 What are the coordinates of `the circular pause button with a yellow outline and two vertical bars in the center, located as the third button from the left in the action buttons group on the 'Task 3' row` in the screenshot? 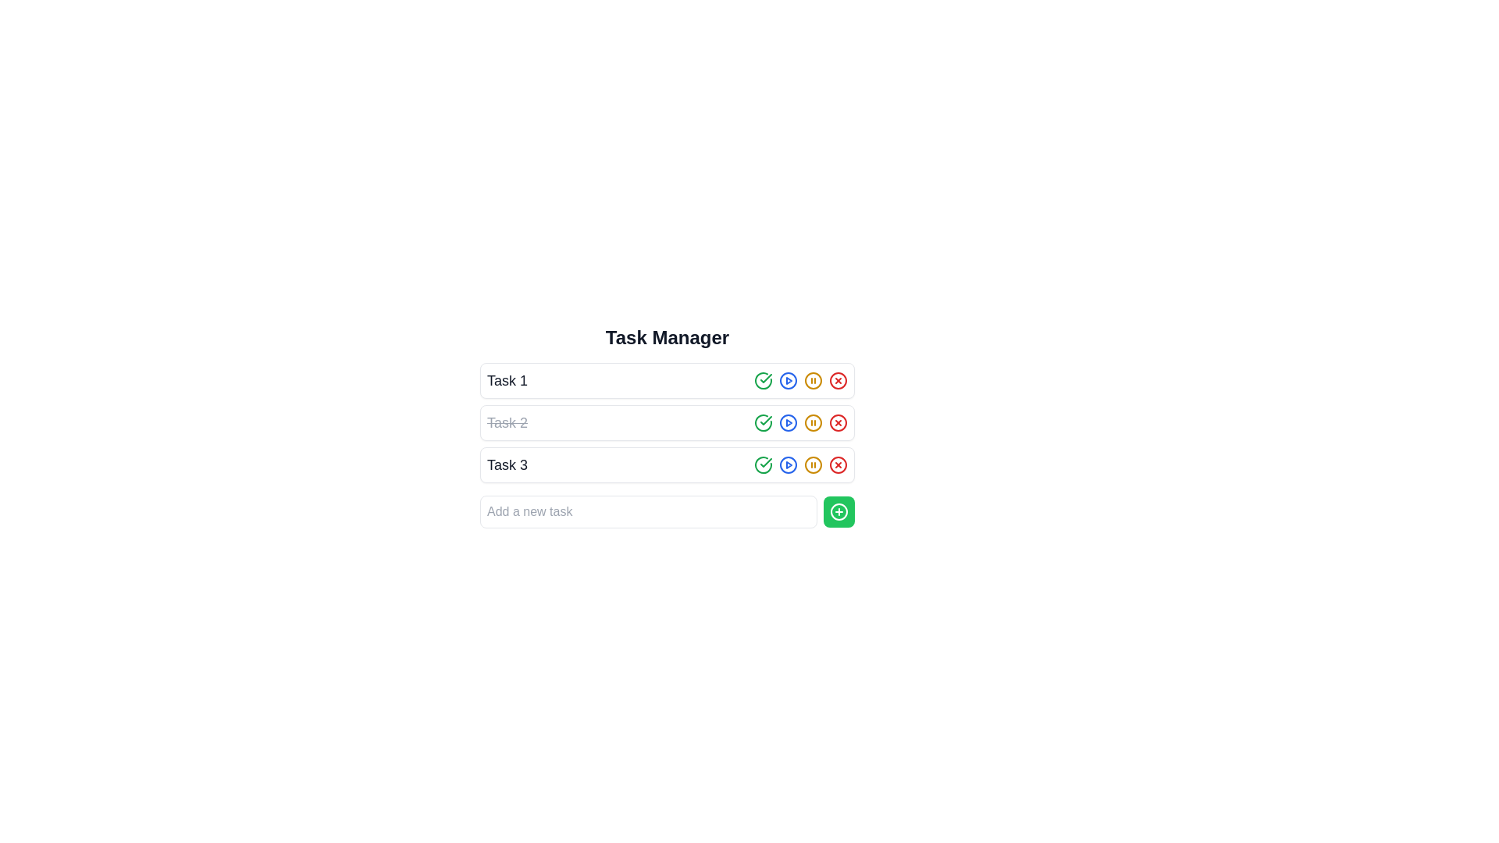 It's located at (812, 464).